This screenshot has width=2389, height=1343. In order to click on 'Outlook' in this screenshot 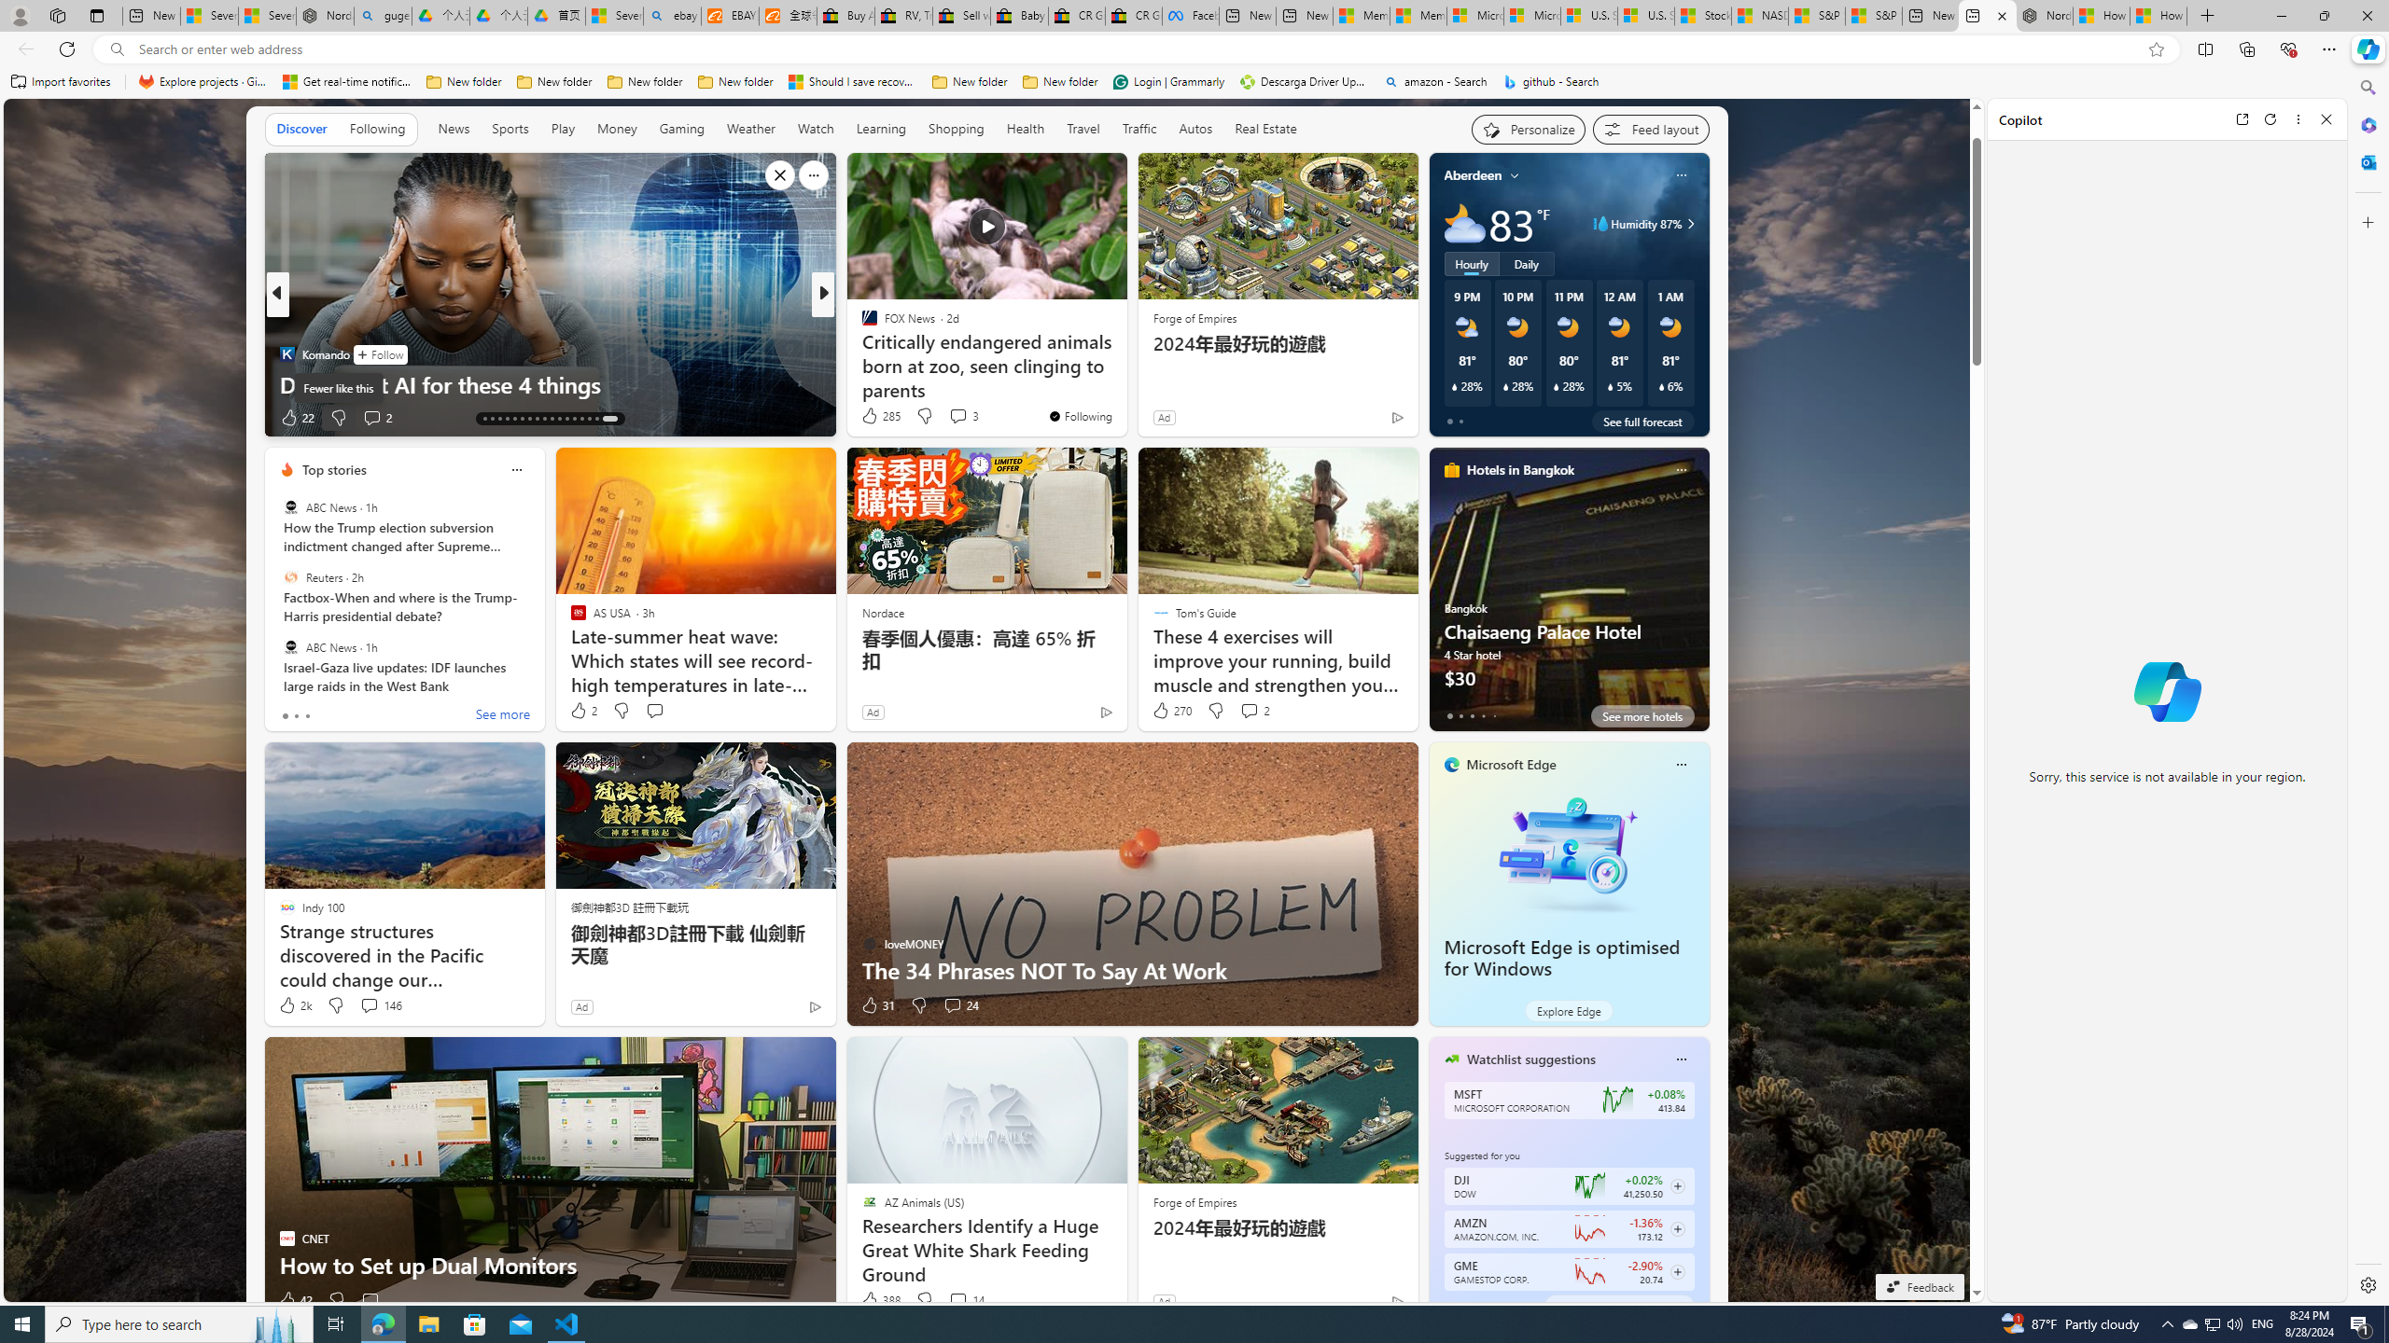, I will do `click(2366, 160)`.